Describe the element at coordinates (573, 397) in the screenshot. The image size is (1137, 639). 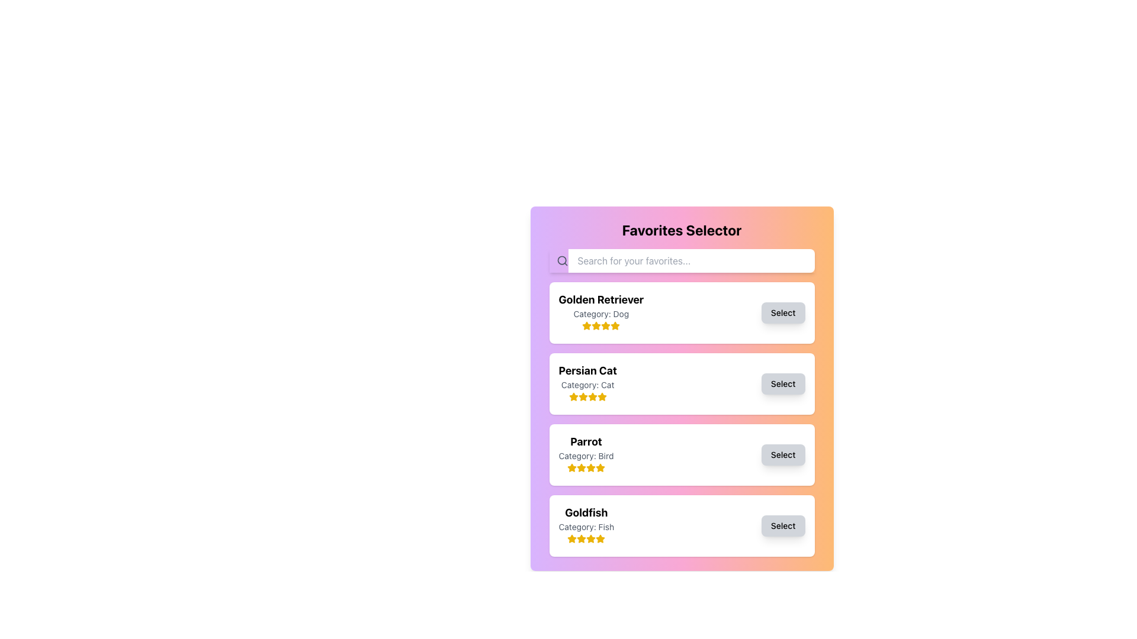
I see `the first star icon in the rating row for the 'Persian Cat' category, which is visually represented as a yellow star with a thin black outline` at that location.